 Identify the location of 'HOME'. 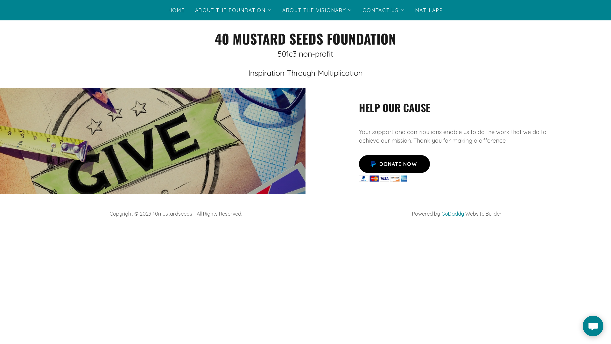
(166, 10).